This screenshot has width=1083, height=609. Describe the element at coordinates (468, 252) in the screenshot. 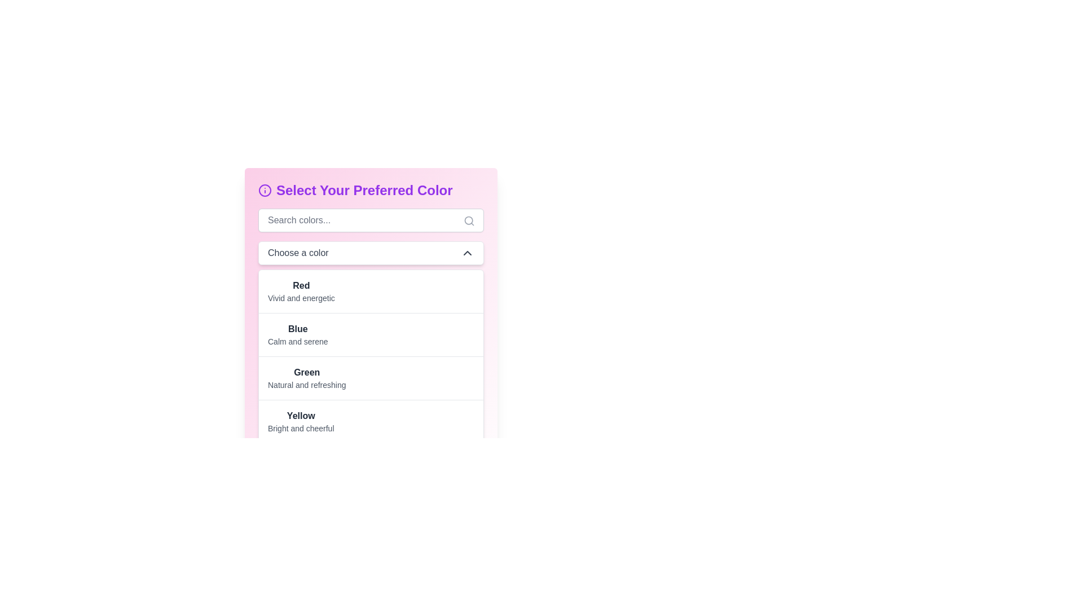

I see `the small upward-pointing chevron icon located to the right of the 'Choose a color' text` at that location.